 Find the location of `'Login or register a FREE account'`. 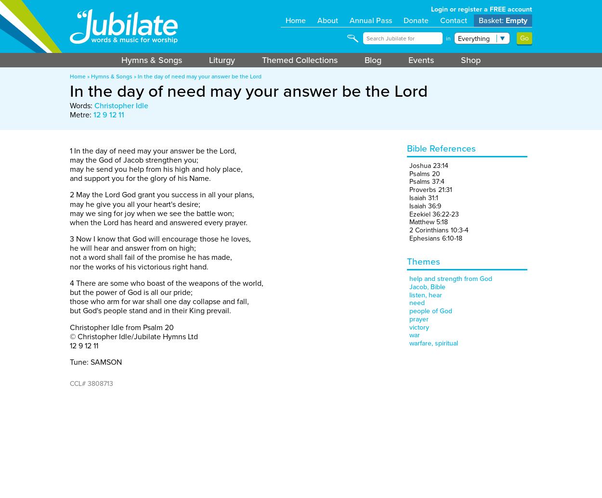

'Login or register a FREE account' is located at coordinates (482, 9).